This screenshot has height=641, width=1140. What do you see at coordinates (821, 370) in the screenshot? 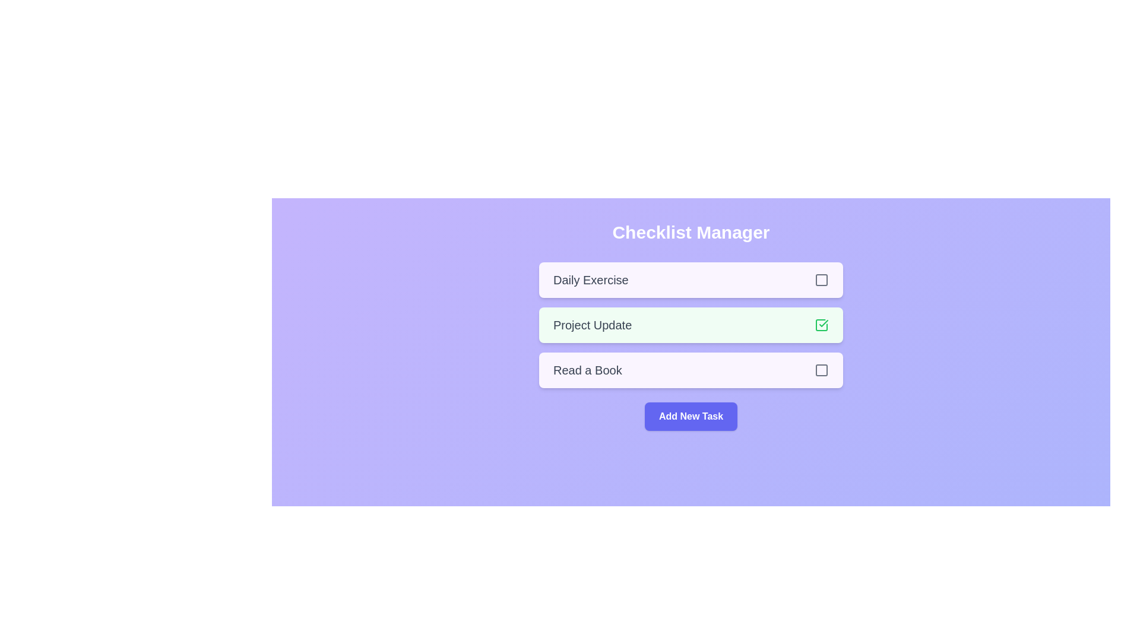
I see `the checkbox for the task titled 'Read a Book' to toggle its completion status` at bounding box center [821, 370].